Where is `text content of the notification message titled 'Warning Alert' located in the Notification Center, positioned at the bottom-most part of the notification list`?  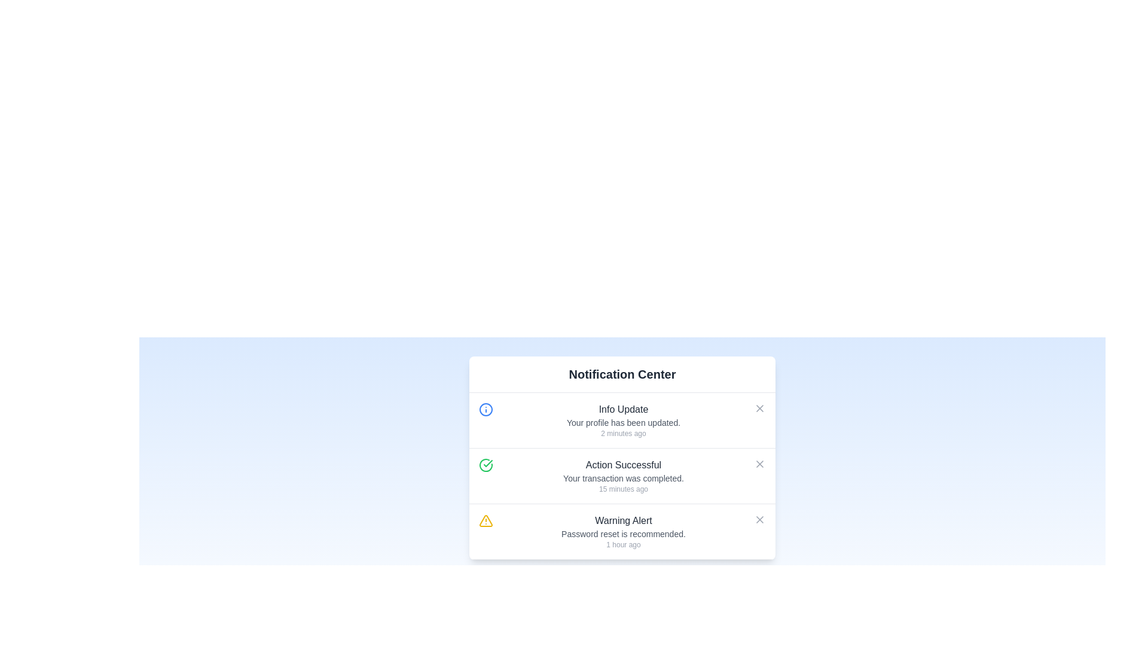 text content of the notification message titled 'Warning Alert' located in the Notification Center, positioned at the bottom-most part of the notification list is located at coordinates (622, 531).